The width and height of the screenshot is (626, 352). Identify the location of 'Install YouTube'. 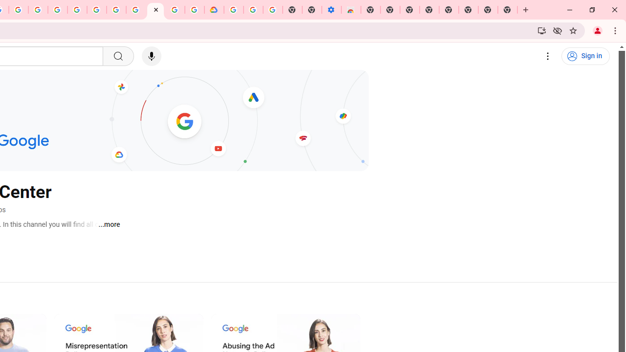
(541, 30).